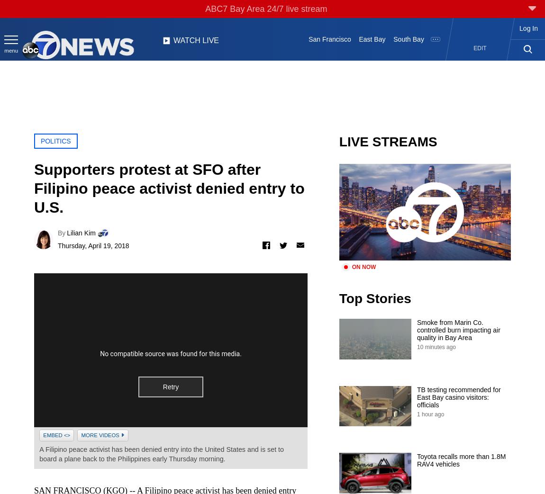  I want to click on 'By', so click(61, 232).